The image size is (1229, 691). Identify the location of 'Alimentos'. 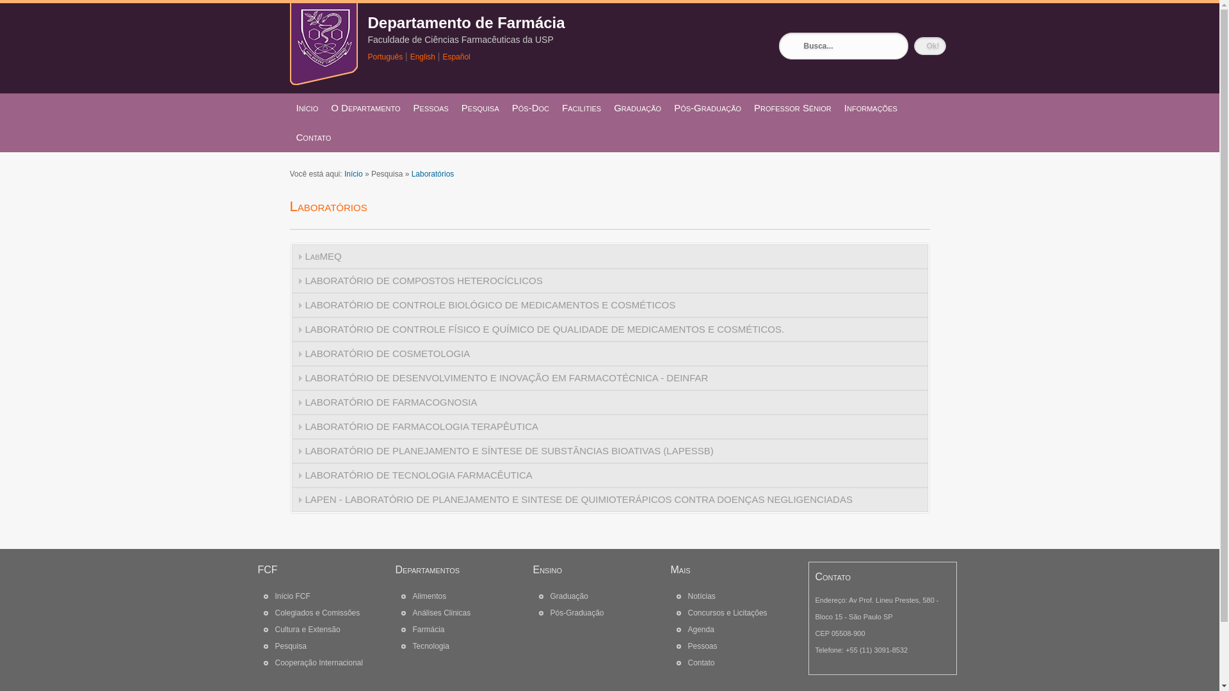
(429, 596).